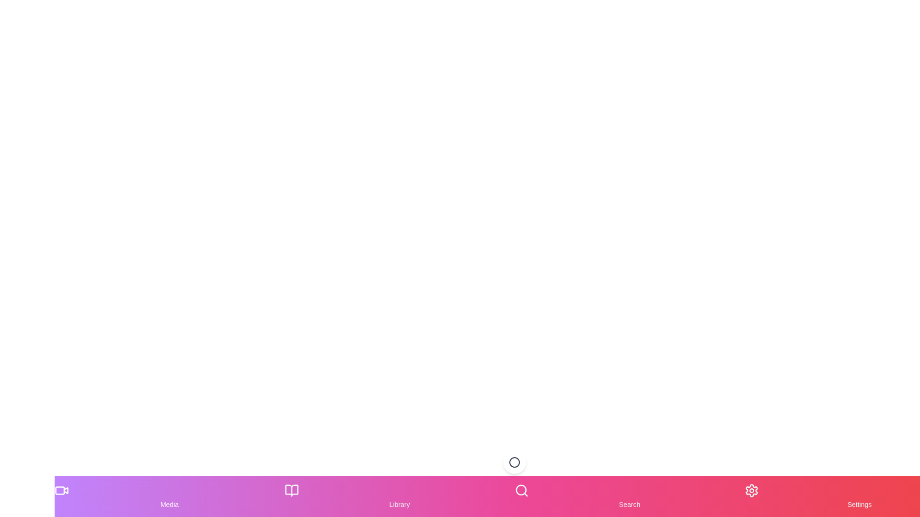 The width and height of the screenshot is (920, 517). Describe the element at coordinates (170, 496) in the screenshot. I see `the Media item in the navigation bar` at that location.